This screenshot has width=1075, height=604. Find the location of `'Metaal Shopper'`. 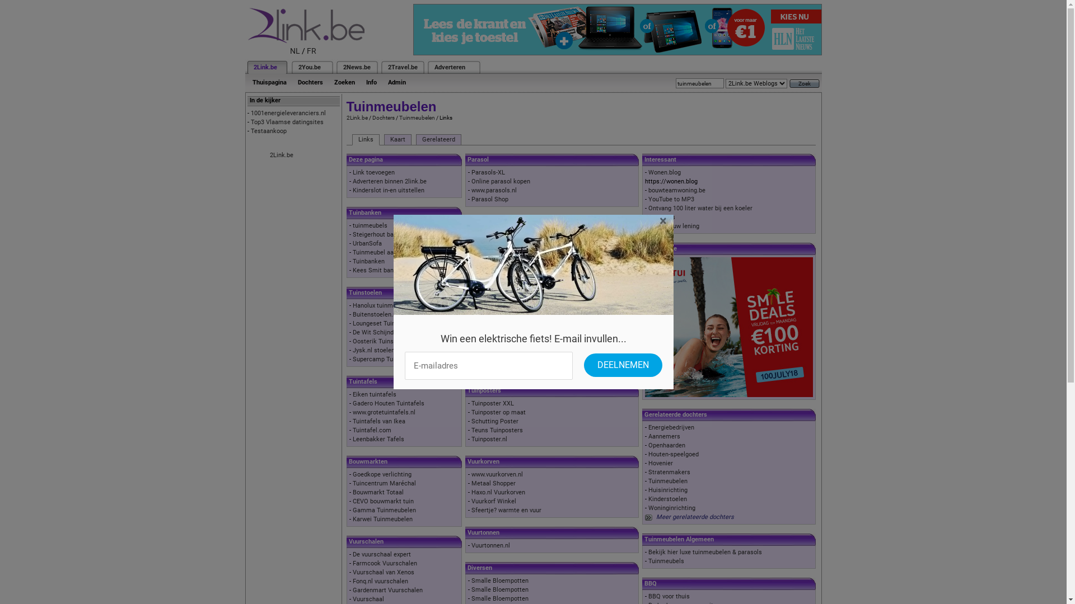

'Metaal Shopper' is located at coordinates (471, 483).